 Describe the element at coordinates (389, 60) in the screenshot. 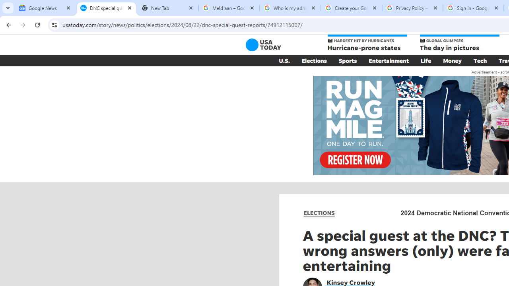

I see `'Entertainment'` at that location.